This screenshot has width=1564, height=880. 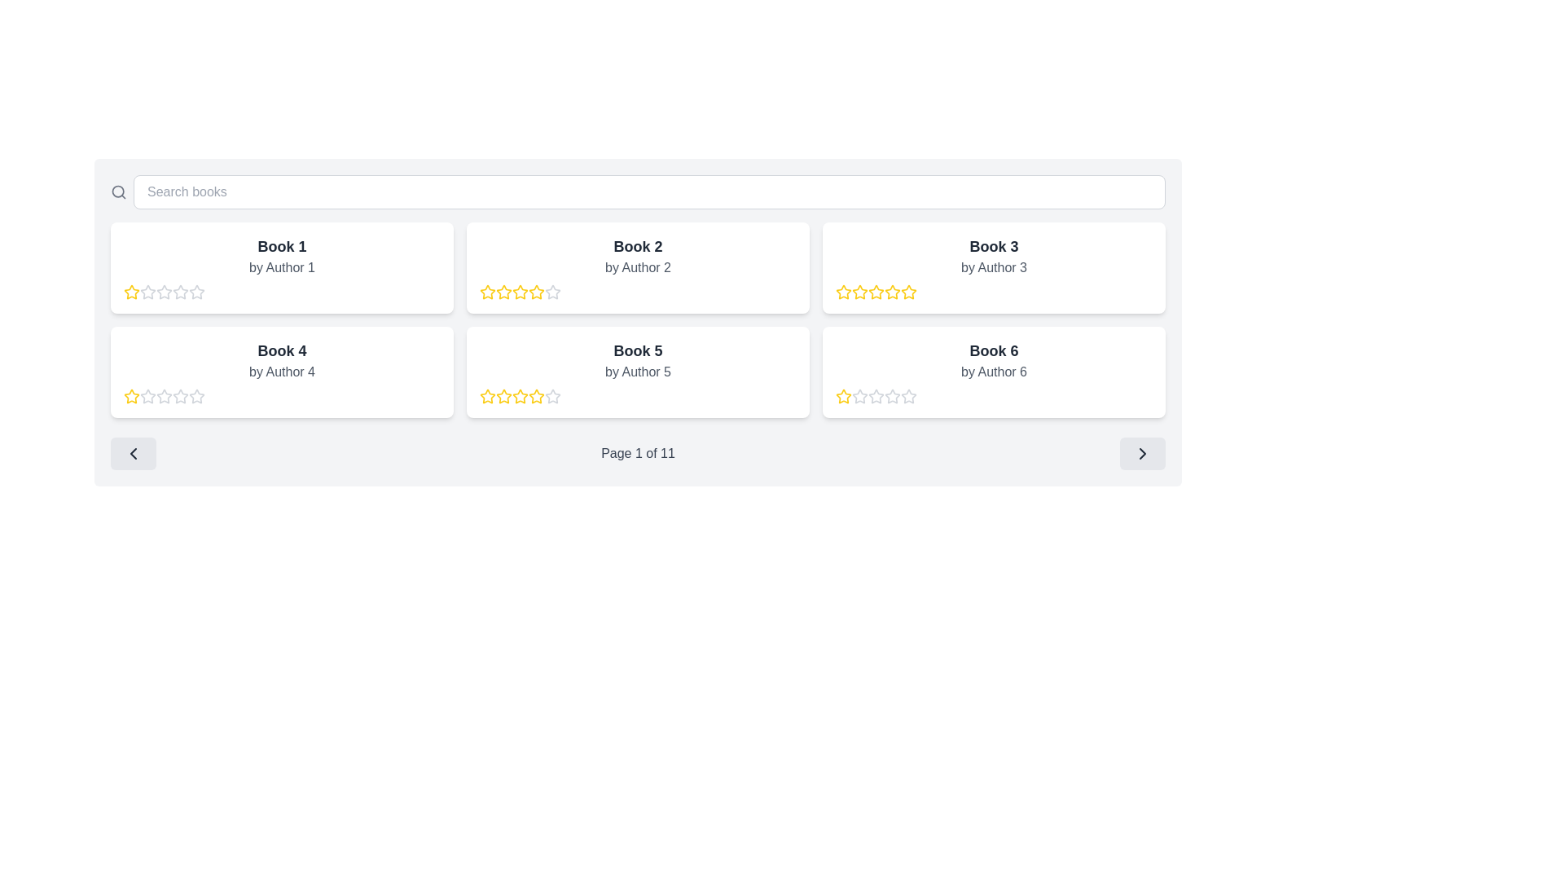 What do you see at coordinates (148, 291) in the screenshot?
I see `the third star-shaped icon in the rating sequence under 'Book 1' by 'Author 1' to rate it` at bounding box center [148, 291].